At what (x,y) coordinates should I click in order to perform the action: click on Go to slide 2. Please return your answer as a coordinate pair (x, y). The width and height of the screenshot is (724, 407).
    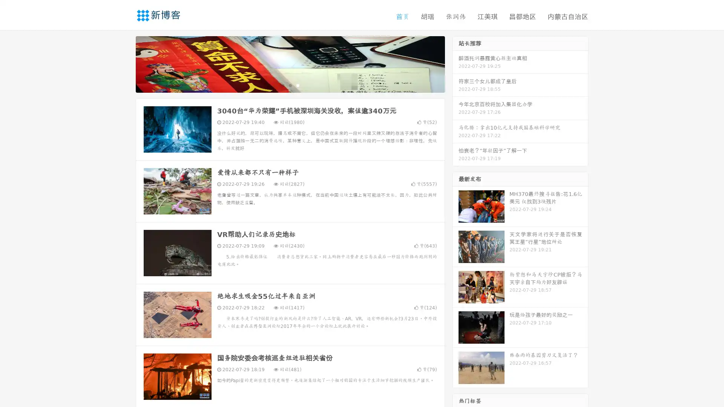
    Looking at the image, I should click on (290, 85).